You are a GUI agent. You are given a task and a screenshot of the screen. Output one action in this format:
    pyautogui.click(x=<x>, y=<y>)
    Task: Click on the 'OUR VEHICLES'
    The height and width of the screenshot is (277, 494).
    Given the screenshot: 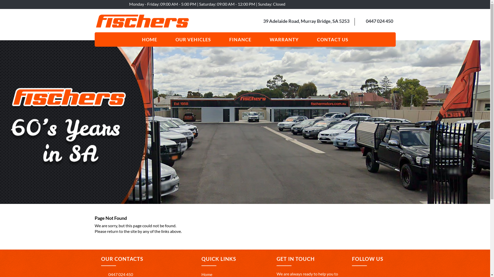 What is the action you would take?
    pyautogui.click(x=193, y=39)
    